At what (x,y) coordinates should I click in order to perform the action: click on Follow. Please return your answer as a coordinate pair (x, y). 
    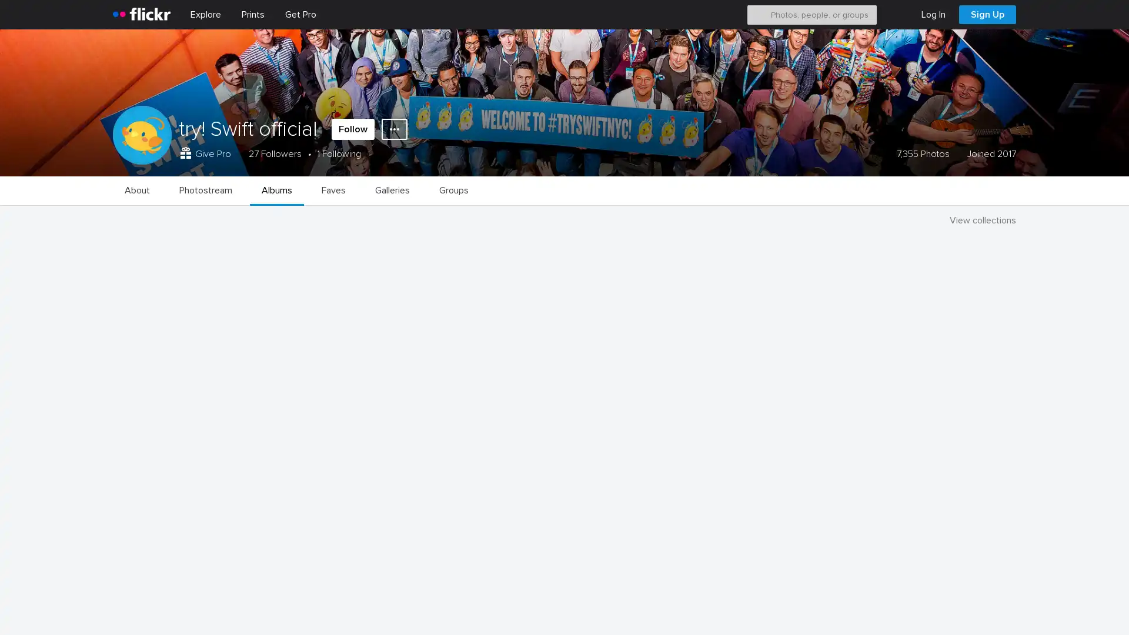
    Looking at the image, I should click on (352, 129).